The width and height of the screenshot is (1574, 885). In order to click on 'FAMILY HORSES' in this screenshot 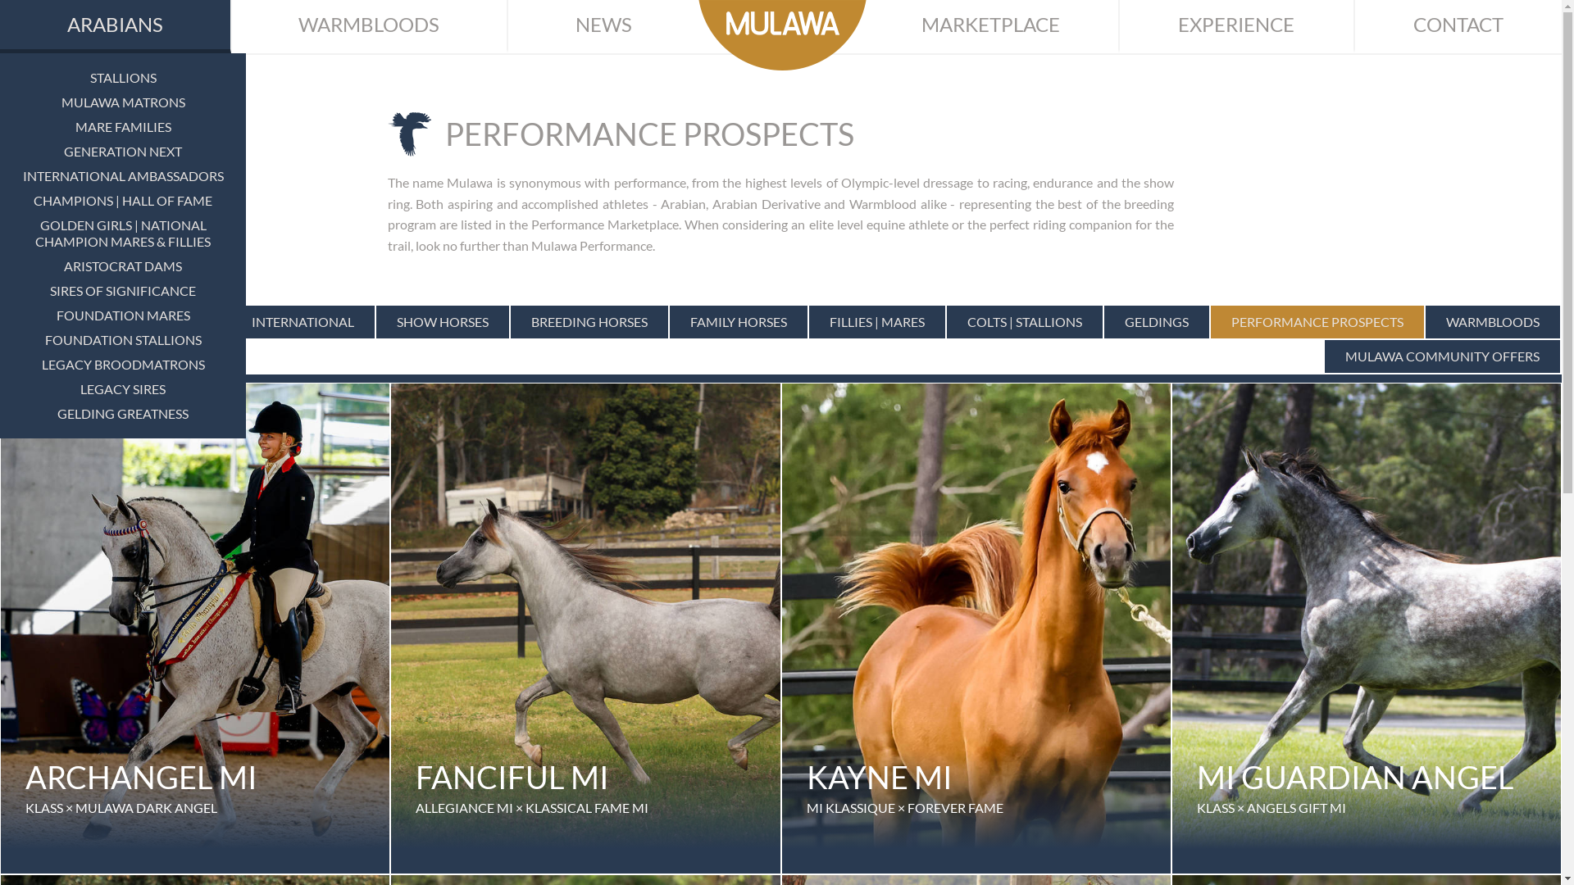, I will do `click(738, 322)`.